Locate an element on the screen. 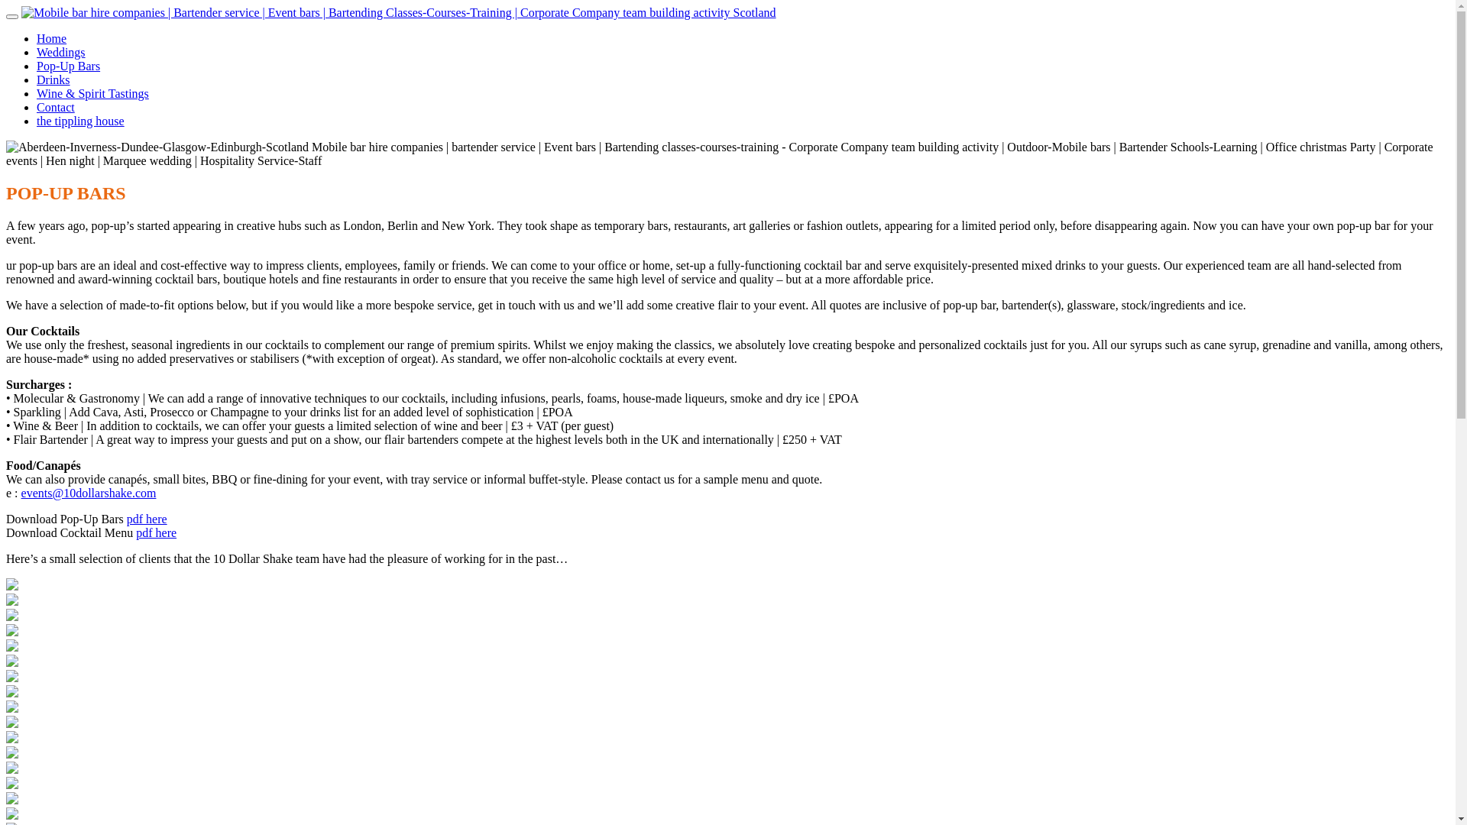 Image resolution: width=1467 pixels, height=825 pixels. 'Contact' is located at coordinates (55, 106).